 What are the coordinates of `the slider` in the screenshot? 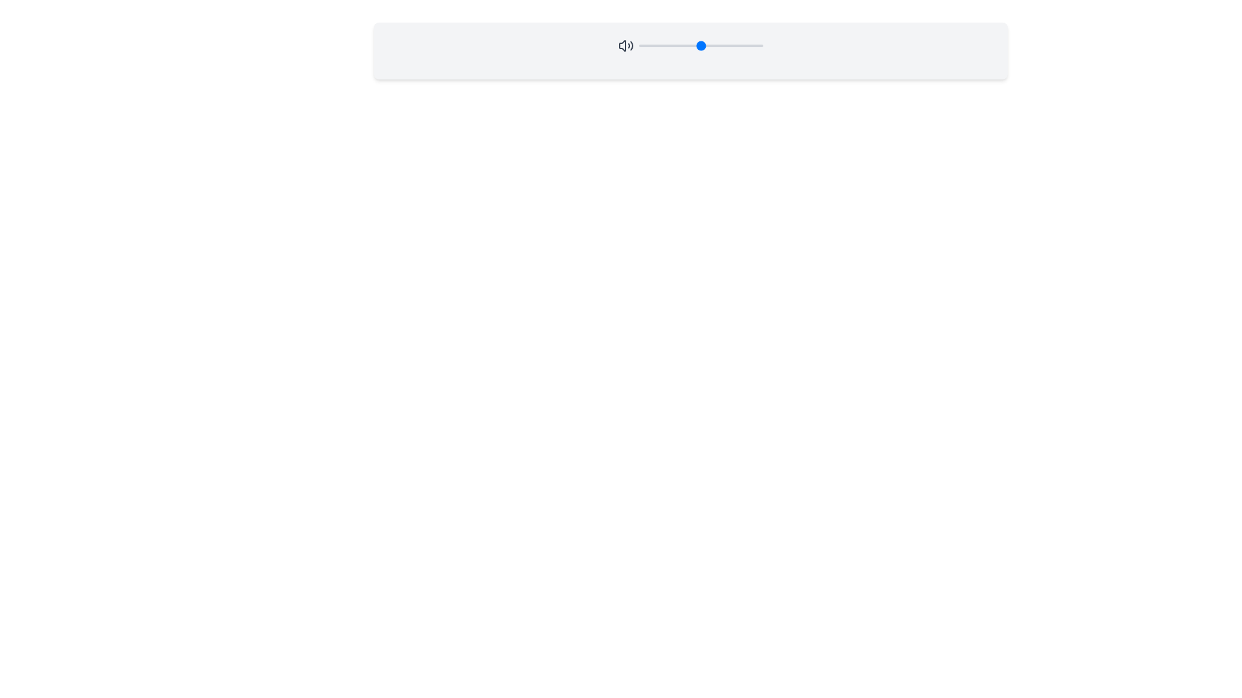 It's located at (657, 45).